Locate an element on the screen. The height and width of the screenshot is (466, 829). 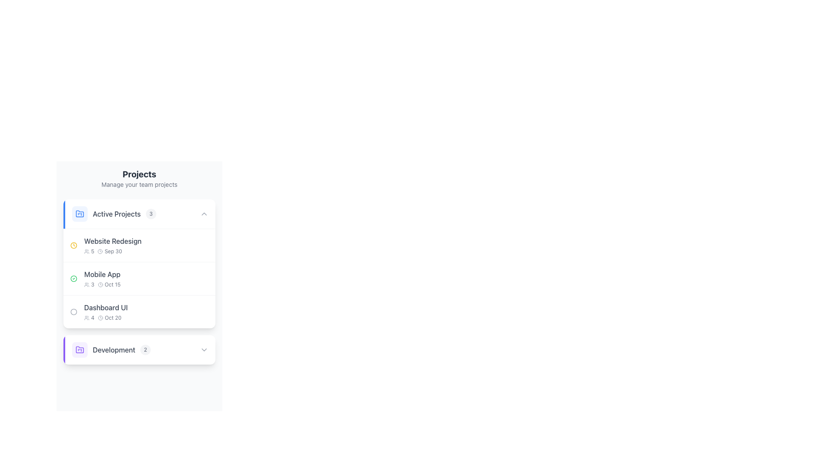
the 'Active Projects' Collapsible Group Header for keyboard navigation is located at coordinates (139, 214).